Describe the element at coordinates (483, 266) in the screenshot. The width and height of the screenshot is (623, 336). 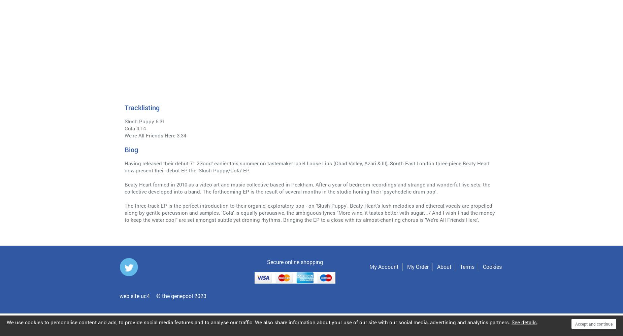
I see `'Cookies'` at that location.